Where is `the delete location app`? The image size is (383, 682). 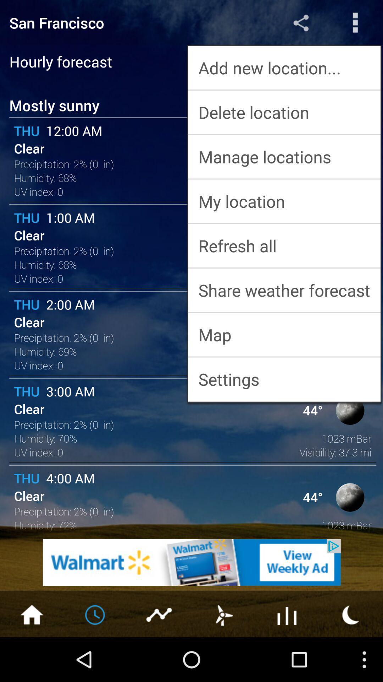
the delete location app is located at coordinates (284, 112).